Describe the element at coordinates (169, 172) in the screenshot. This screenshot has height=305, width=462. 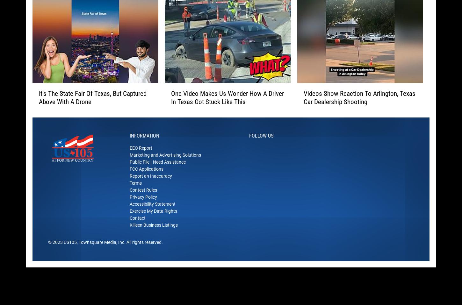
I see `'Need Assistance'` at that location.